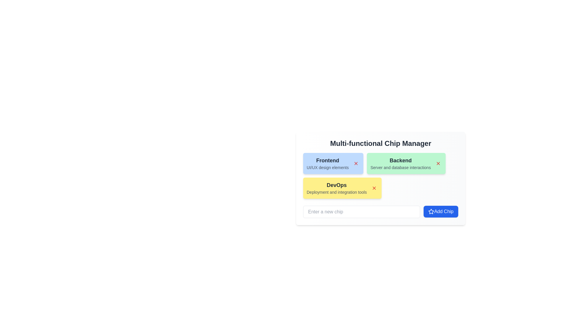  I want to click on the 'Add Chip' button with a blue background and white text, so click(441, 212).